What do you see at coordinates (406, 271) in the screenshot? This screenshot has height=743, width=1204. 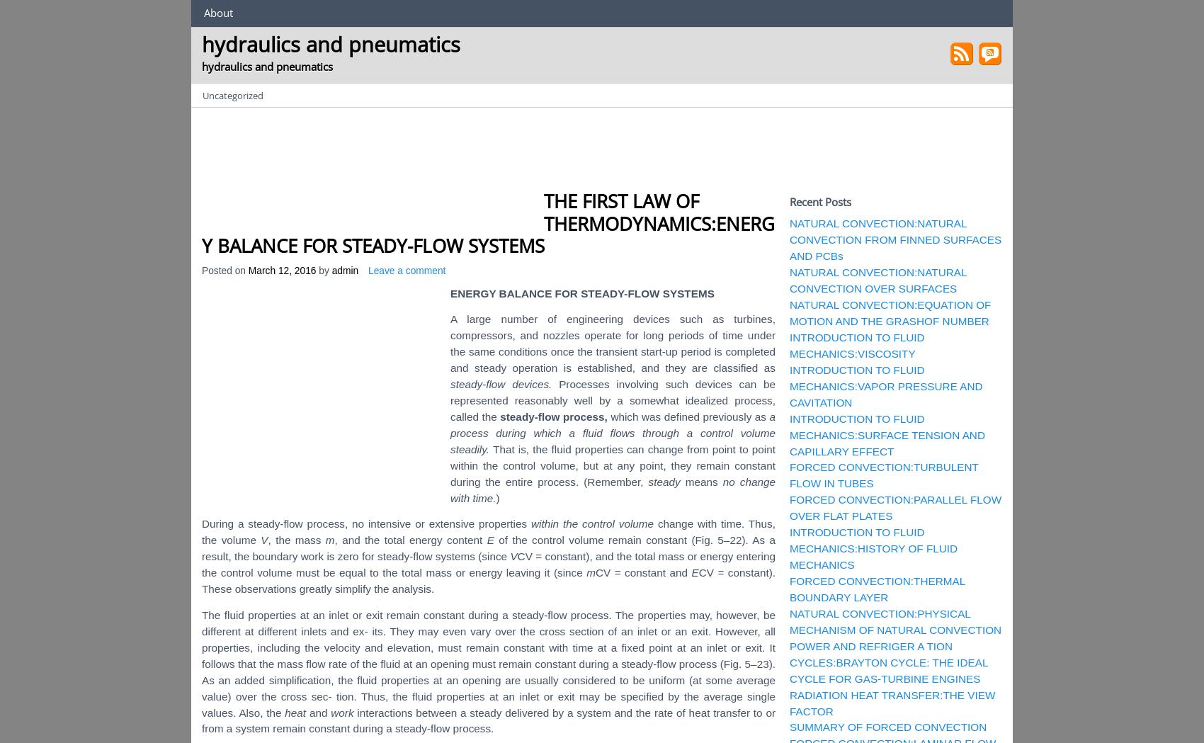 I see `'Leave a comment'` at bounding box center [406, 271].